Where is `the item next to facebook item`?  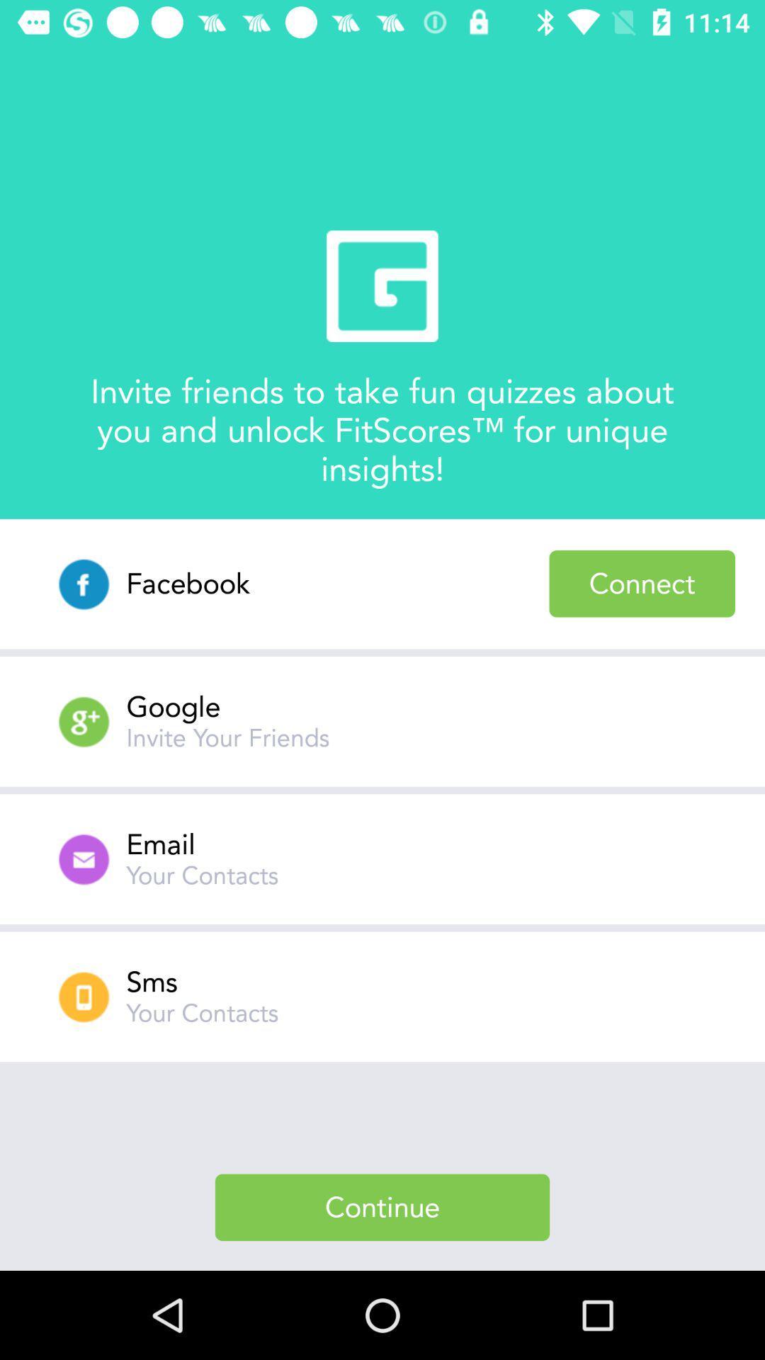 the item next to facebook item is located at coordinates (642, 584).